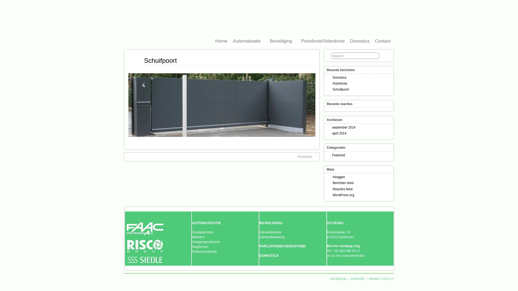  I want to click on 'Garagepoorten', so click(202, 232).